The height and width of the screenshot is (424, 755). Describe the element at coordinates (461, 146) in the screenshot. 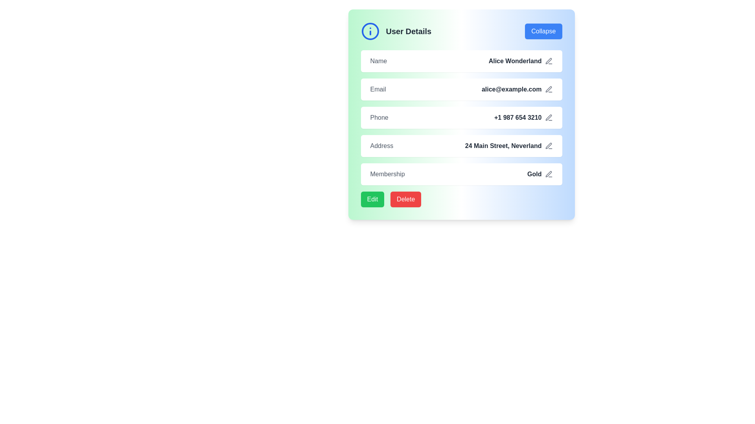

I see `the edit icon on the 'Address' text display located in the fourth row of the section, which contains the text '24 Main Street, Neverland'` at that location.